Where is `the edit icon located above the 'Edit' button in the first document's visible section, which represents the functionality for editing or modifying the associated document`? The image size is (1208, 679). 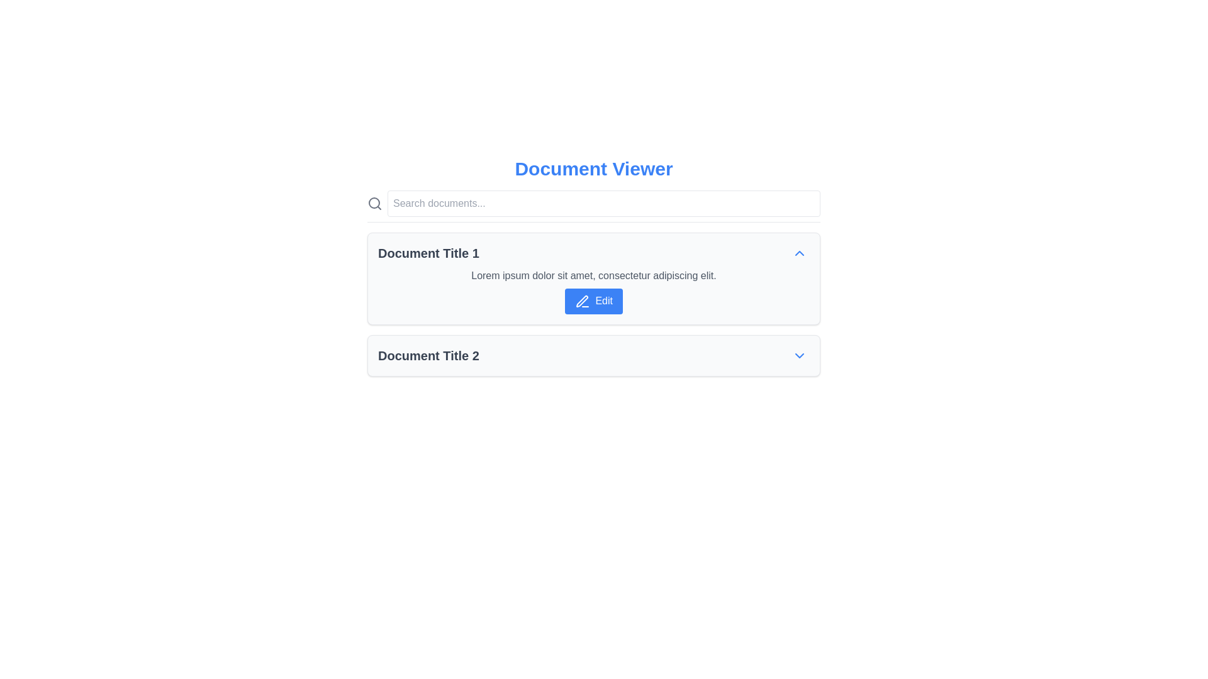 the edit icon located above the 'Edit' button in the first document's visible section, which represents the functionality for editing or modifying the associated document is located at coordinates (581, 301).